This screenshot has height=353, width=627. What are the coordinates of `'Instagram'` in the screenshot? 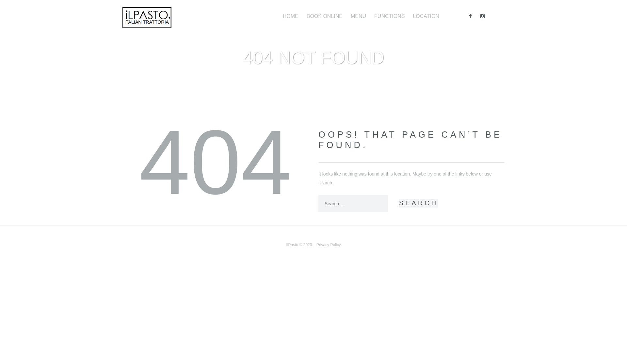 It's located at (482, 16).